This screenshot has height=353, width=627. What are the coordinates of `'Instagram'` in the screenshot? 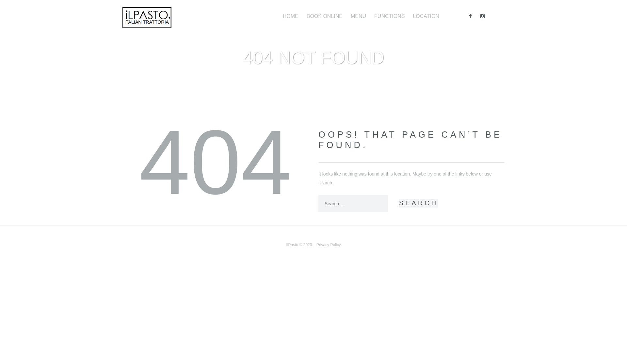 It's located at (482, 16).